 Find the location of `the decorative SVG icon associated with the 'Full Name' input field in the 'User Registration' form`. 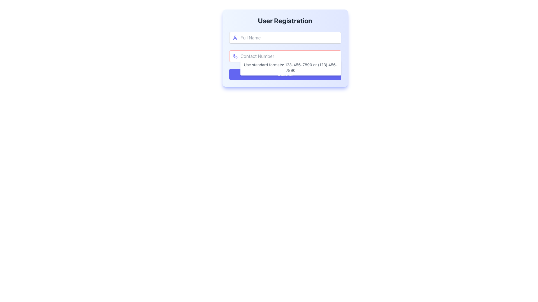

the decorative SVG icon associated with the 'Full Name' input field in the 'User Registration' form is located at coordinates (235, 38).